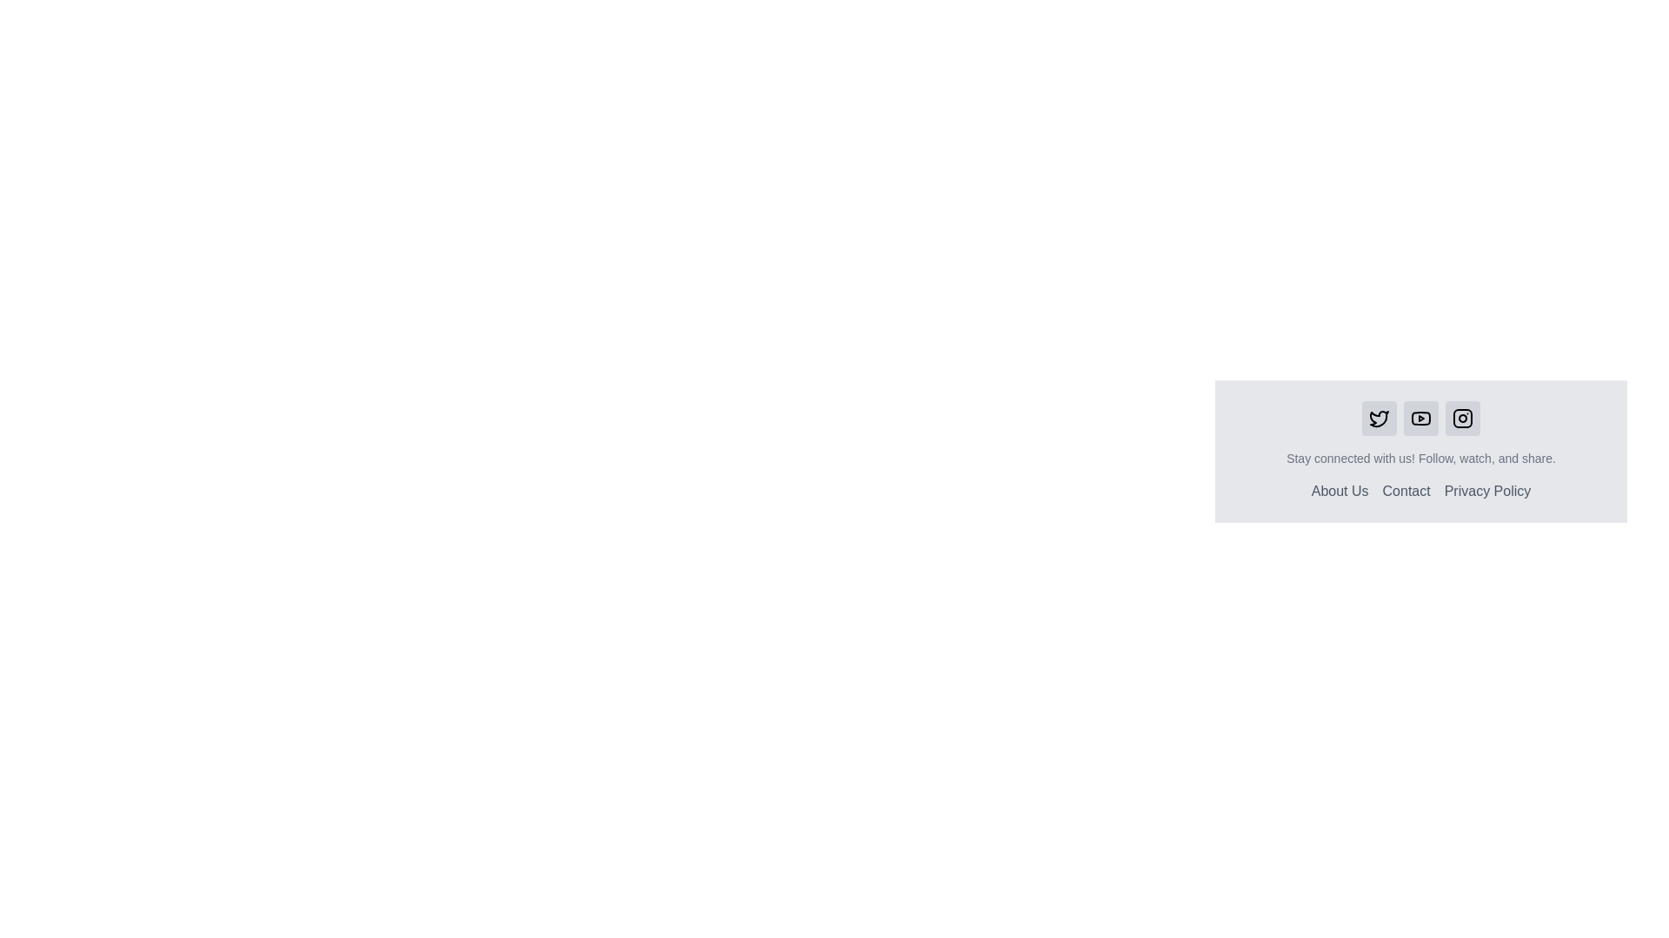 The image size is (1669, 938). What do you see at coordinates (1379, 419) in the screenshot?
I see `the Twitter icon located in the bottom center of the interface` at bounding box center [1379, 419].